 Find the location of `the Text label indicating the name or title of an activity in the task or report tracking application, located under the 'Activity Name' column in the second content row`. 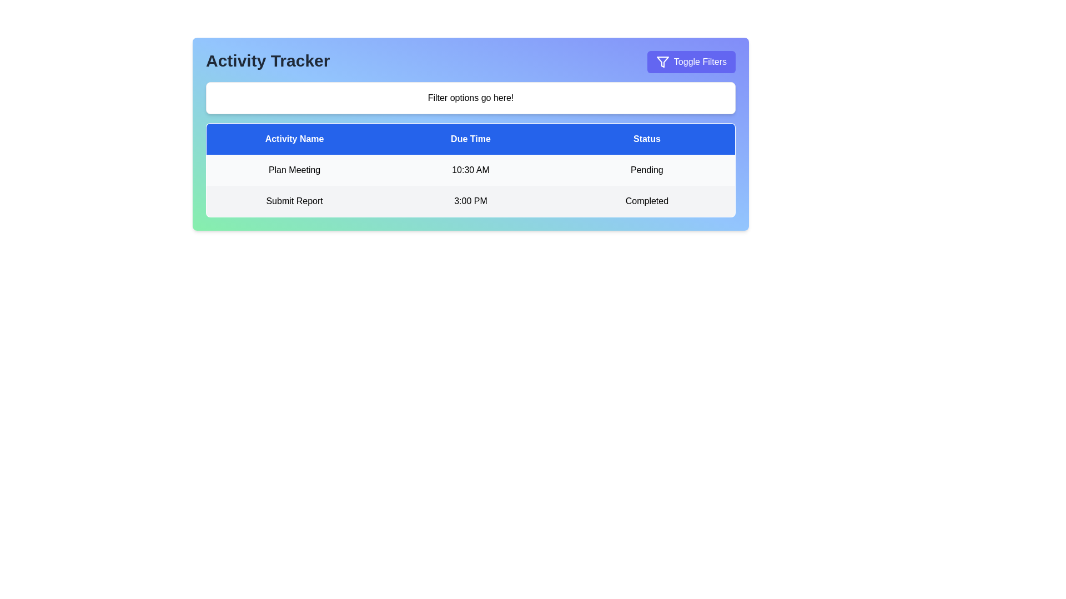

the Text label indicating the name or title of an activity in the task or report tracking application, located under the 'Activity Name' column in the second content row is located at coordinates (294, 201).